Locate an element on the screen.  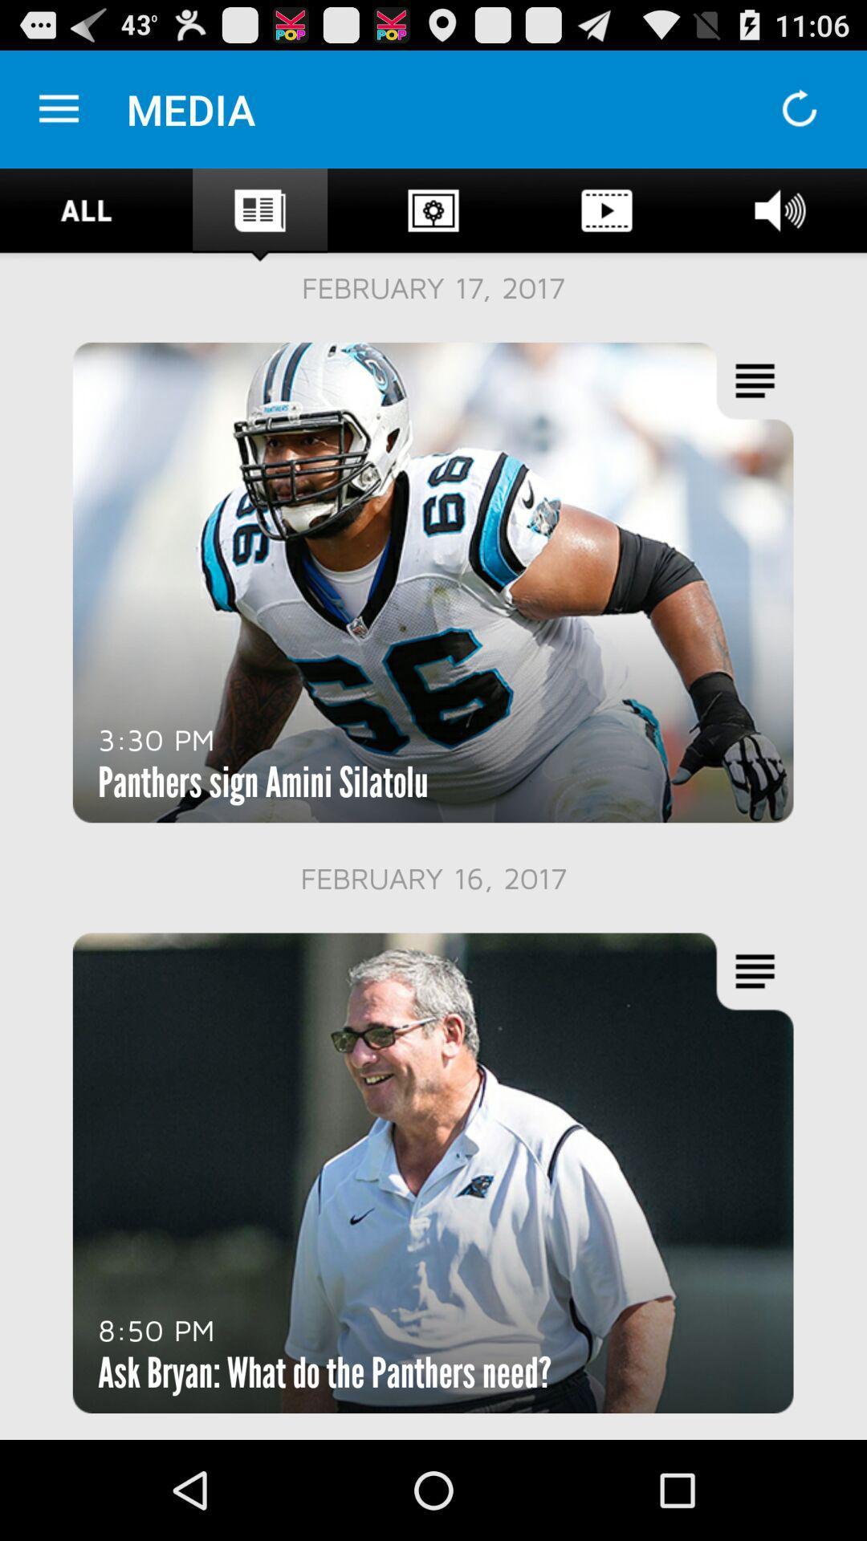
menu display is located at coordinates (58, 108).